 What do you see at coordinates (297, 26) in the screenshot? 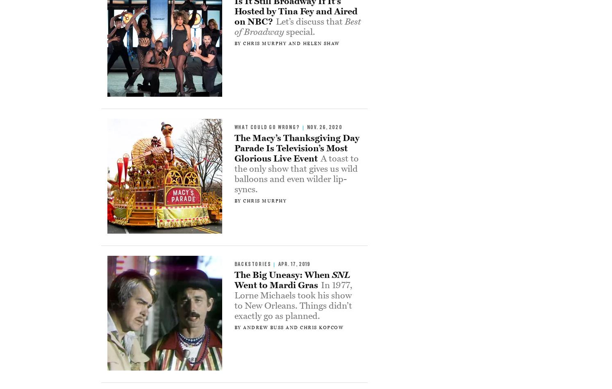
I see `'Best of Broadway'` at bounding box center [297, 26].